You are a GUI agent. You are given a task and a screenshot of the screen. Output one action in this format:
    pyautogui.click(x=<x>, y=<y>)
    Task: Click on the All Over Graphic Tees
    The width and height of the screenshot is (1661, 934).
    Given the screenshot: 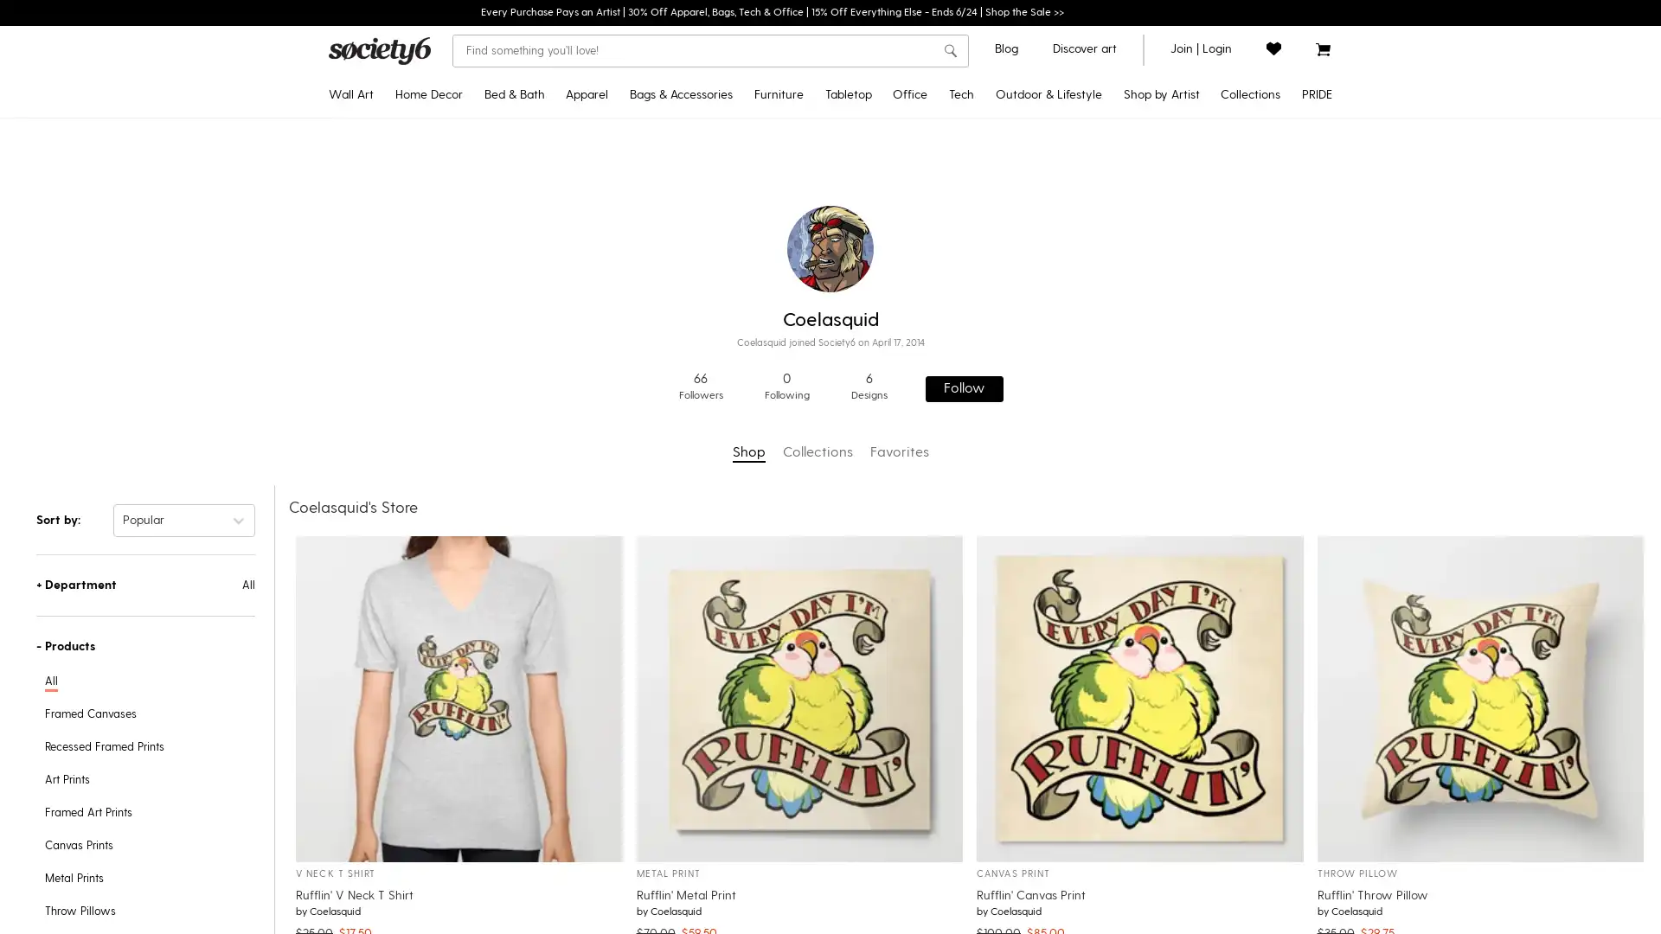 What is the action you would take?
    pyautogui.click(x=641, y=250)
    